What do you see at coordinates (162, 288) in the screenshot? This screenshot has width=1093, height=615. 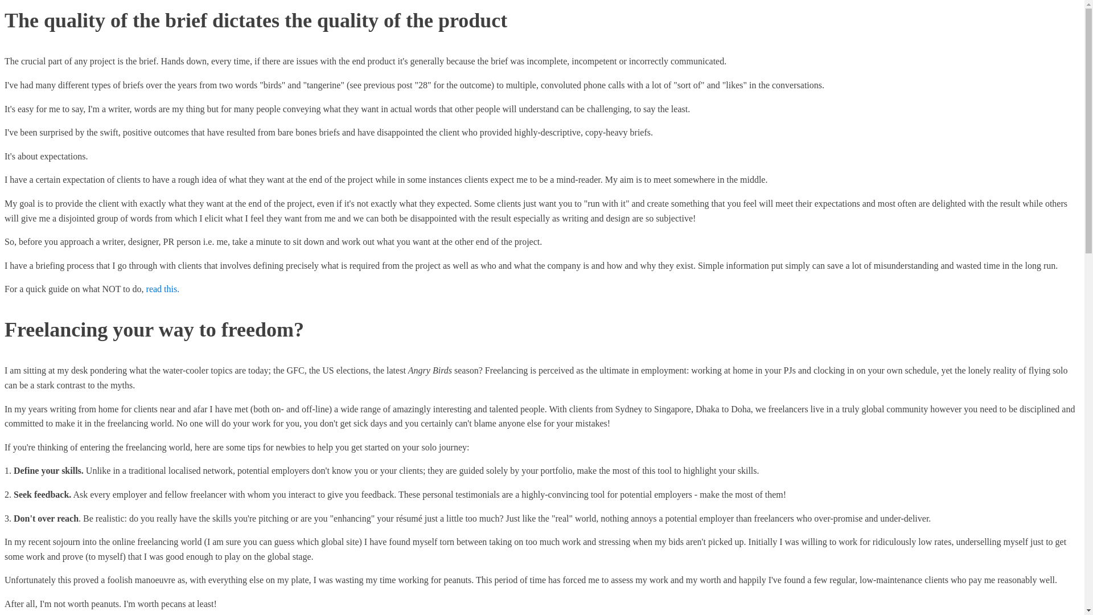 I see `'read this.'` at bounding box center [162, 288].